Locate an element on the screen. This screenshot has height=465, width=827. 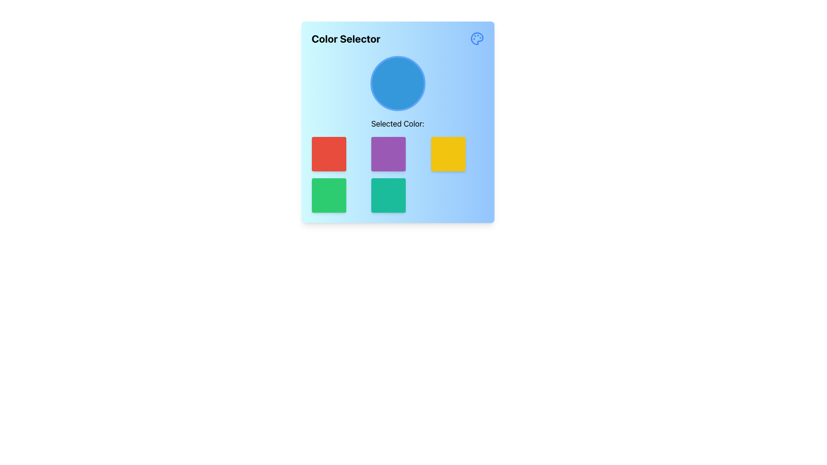
the Interactive color selection block in the first row and first column of the color palette is located at coordinates (328, 154).